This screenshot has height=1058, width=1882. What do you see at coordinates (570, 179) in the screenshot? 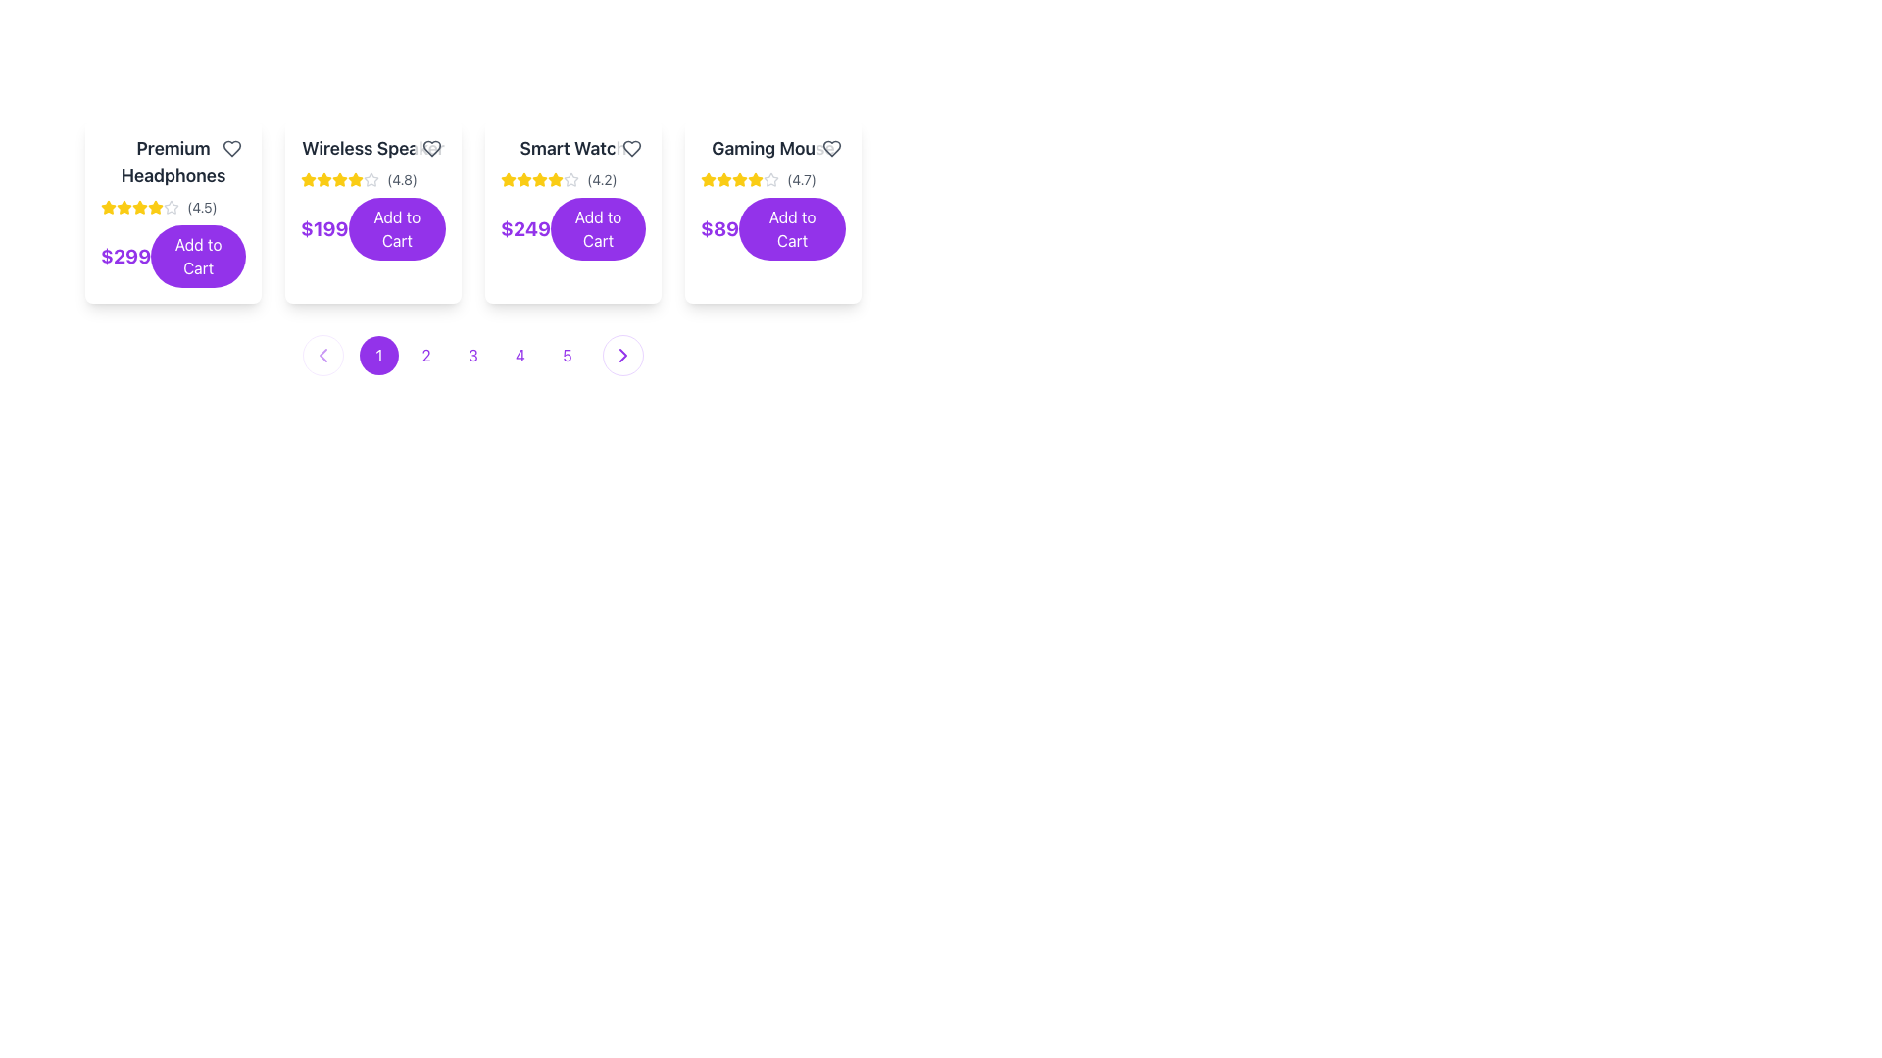
I see `the star icon outlined in gray, which is the third star in the rating display for the 'Smart Watch' card in the product section` at bounding box center [570, 179].